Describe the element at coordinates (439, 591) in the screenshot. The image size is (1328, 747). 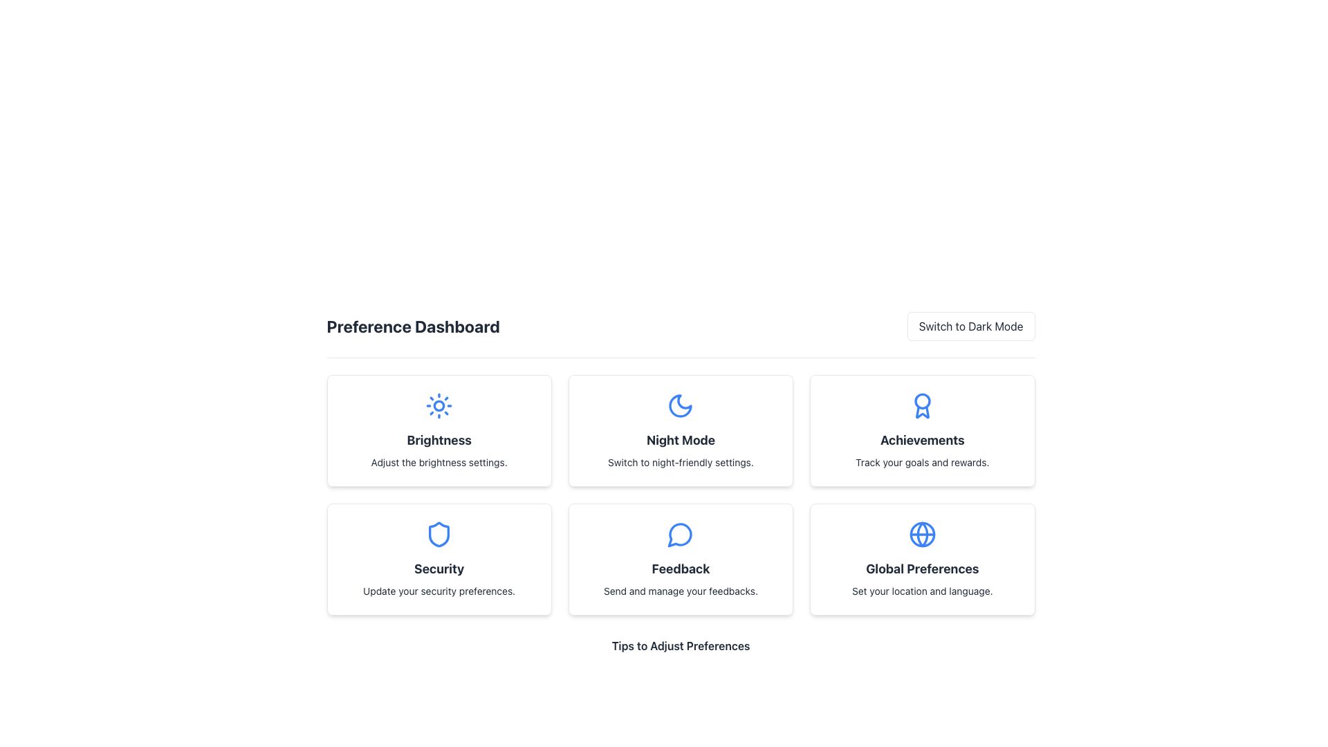
I see `the Text Label providing a description or actionable hint regarding the security preferences, located below the 'Security' header in the leftmost card of the second row of the grid on the Preference Dashboard page` at that location.